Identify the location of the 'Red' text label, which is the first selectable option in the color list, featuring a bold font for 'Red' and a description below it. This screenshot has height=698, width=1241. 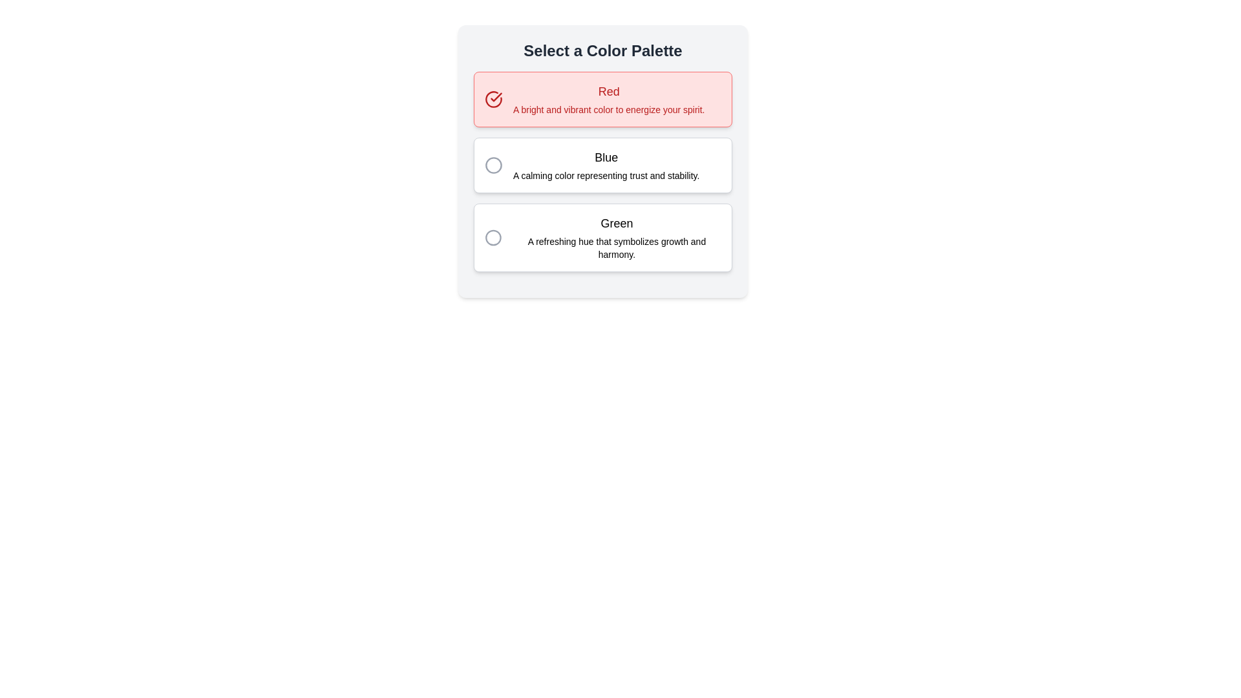
(608, 99).